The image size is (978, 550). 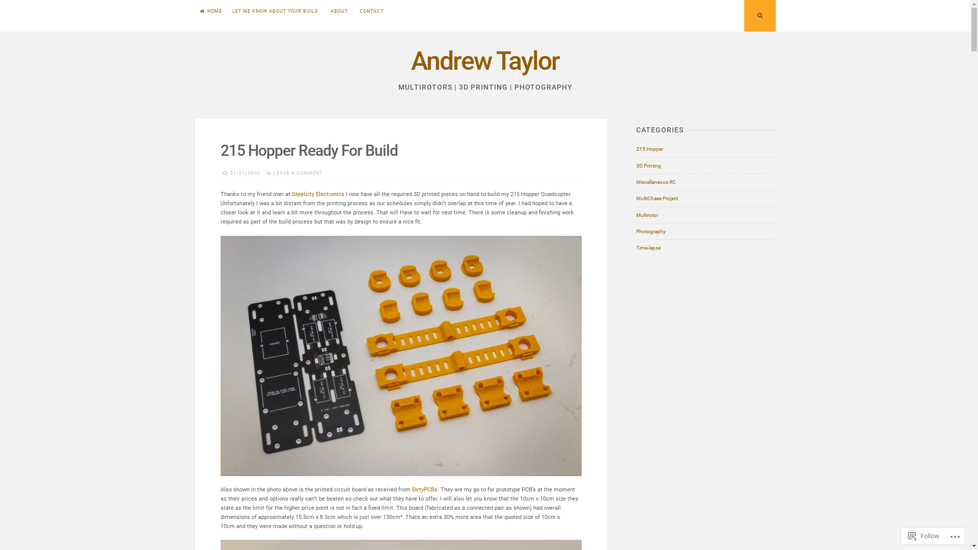 What do you see at coordinates (274, 172) in the screenshot?
I see `'LEAVE A COMMENT'` at bounding box center [274, 172].